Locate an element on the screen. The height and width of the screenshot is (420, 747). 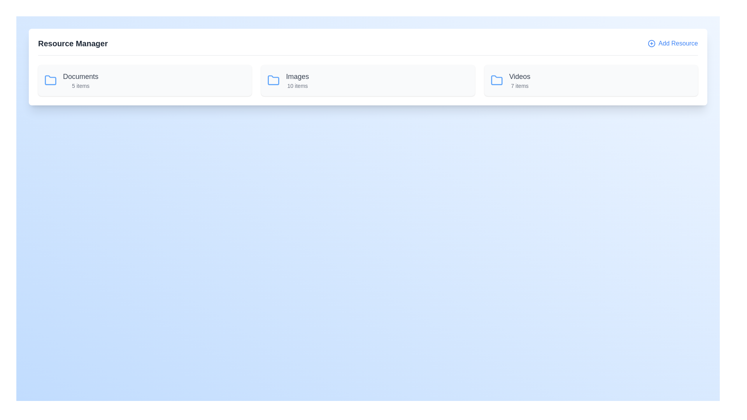
the 'Videos' text label is located at coordinates (519, 80).